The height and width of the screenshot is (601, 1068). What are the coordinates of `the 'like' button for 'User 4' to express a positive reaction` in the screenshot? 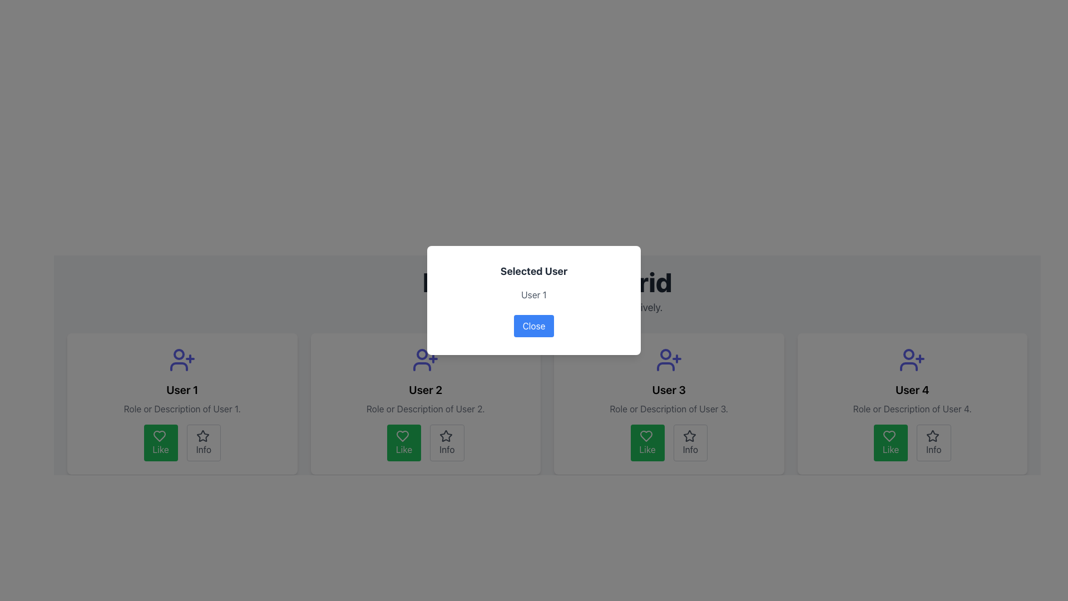 It's located at (891, 442).